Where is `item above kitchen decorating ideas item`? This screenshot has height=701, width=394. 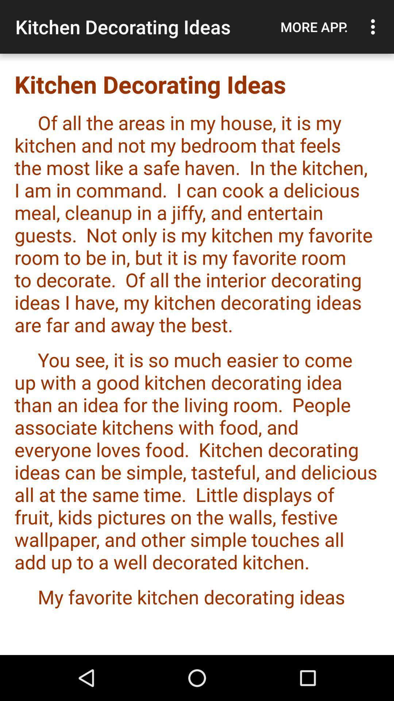 item above kitchen decorating ideas item is located at coordinates (314, 27).